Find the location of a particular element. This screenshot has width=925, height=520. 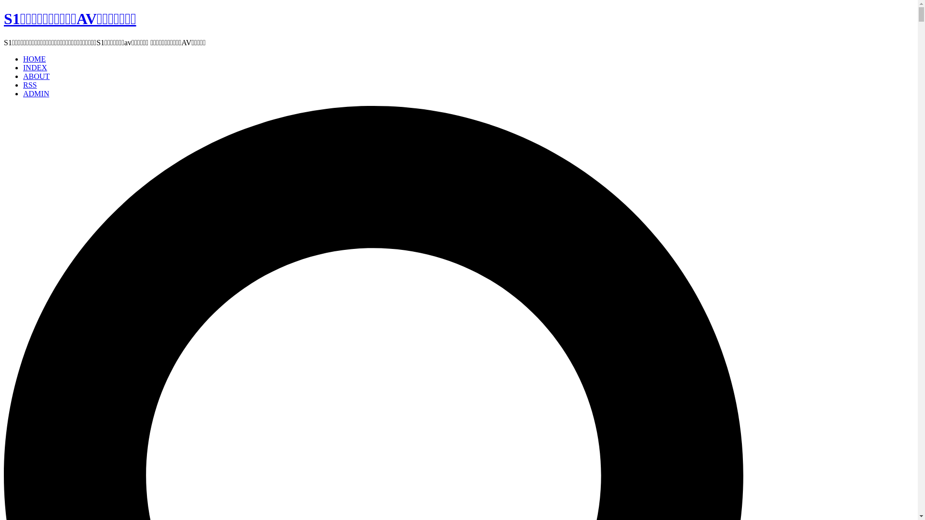

'ADMIN' is located at coordinates (36, 93).